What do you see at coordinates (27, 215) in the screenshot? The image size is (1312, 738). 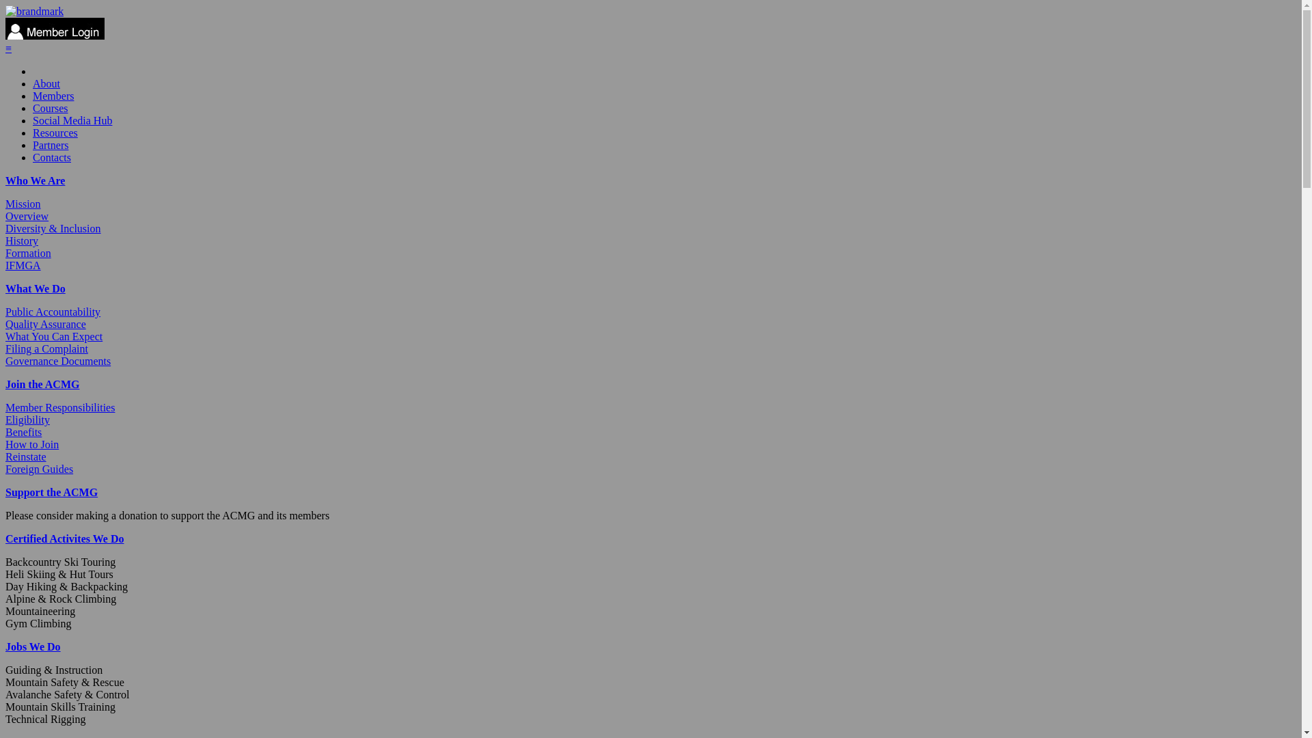 I see `'Overview'` at bounding box center [27, 215].